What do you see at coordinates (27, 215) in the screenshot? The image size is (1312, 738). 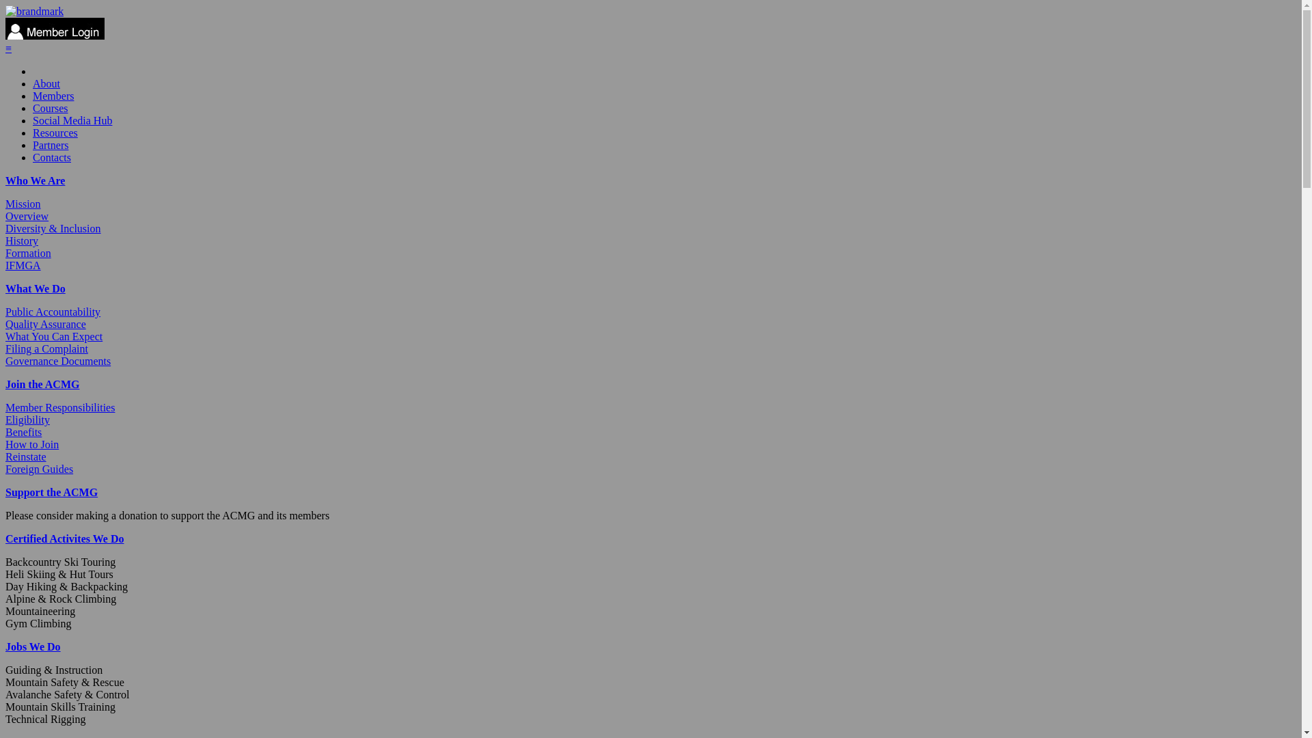 I see `'Overview'` at bounding box center [27, 215].